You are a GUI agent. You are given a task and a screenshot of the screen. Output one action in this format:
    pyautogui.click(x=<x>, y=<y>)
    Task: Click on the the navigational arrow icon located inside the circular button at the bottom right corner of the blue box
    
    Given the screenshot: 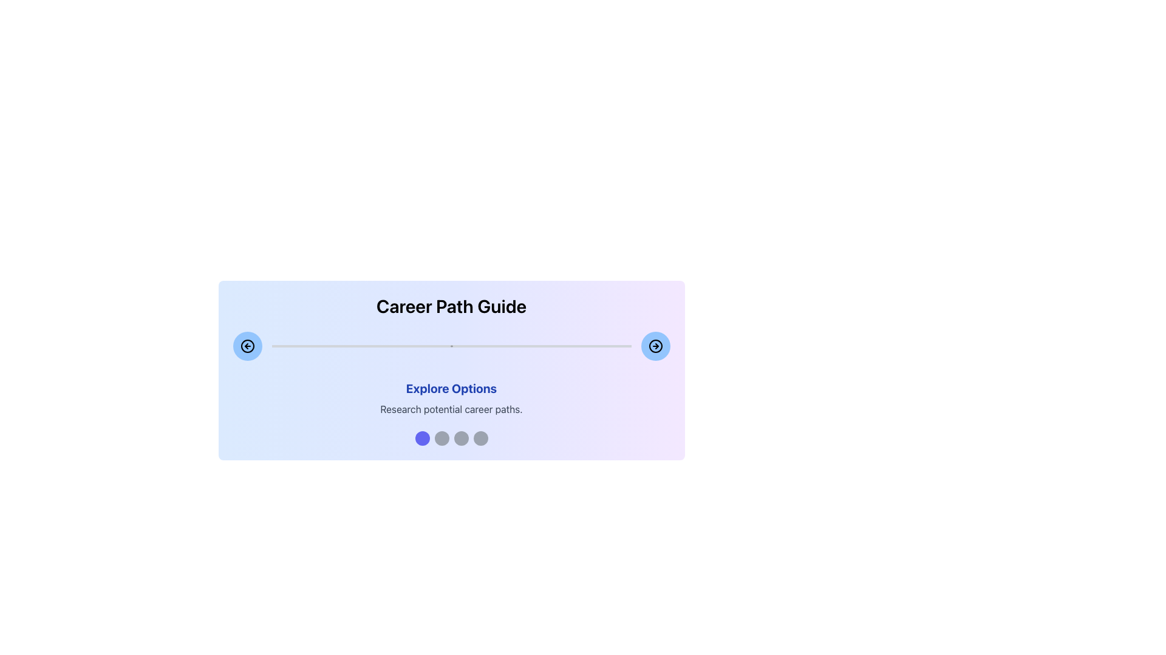 What is the action you would take?
    pyautogui.click(x=655, y=346)
    